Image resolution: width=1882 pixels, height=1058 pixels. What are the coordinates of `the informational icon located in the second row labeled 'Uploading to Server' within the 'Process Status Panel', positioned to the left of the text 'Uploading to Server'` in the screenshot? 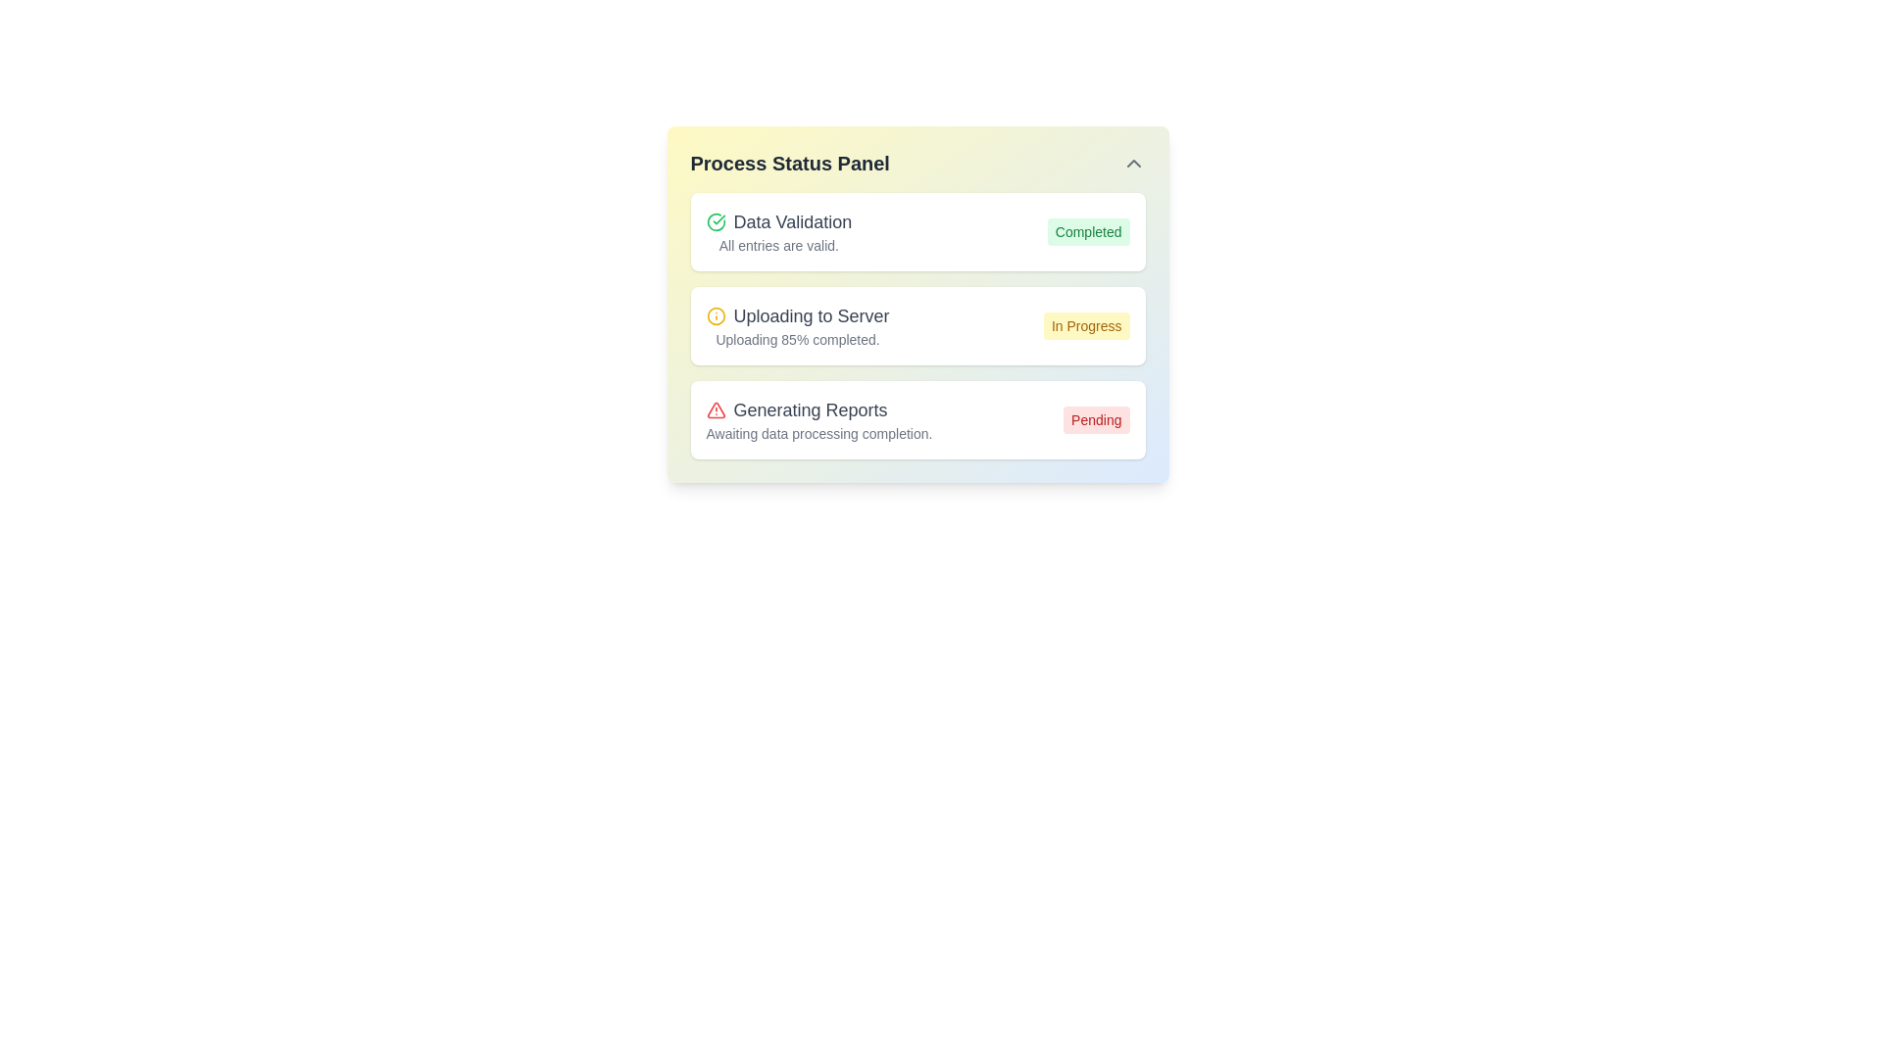 It's located at (715, 315).